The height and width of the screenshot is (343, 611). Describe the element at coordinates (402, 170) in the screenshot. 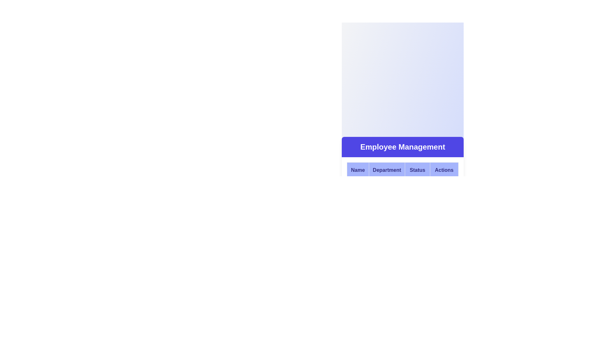

I see `titles of the Table Header Row for the Employee Management section, which includes Name, Department, Status, and Actions` at that location.